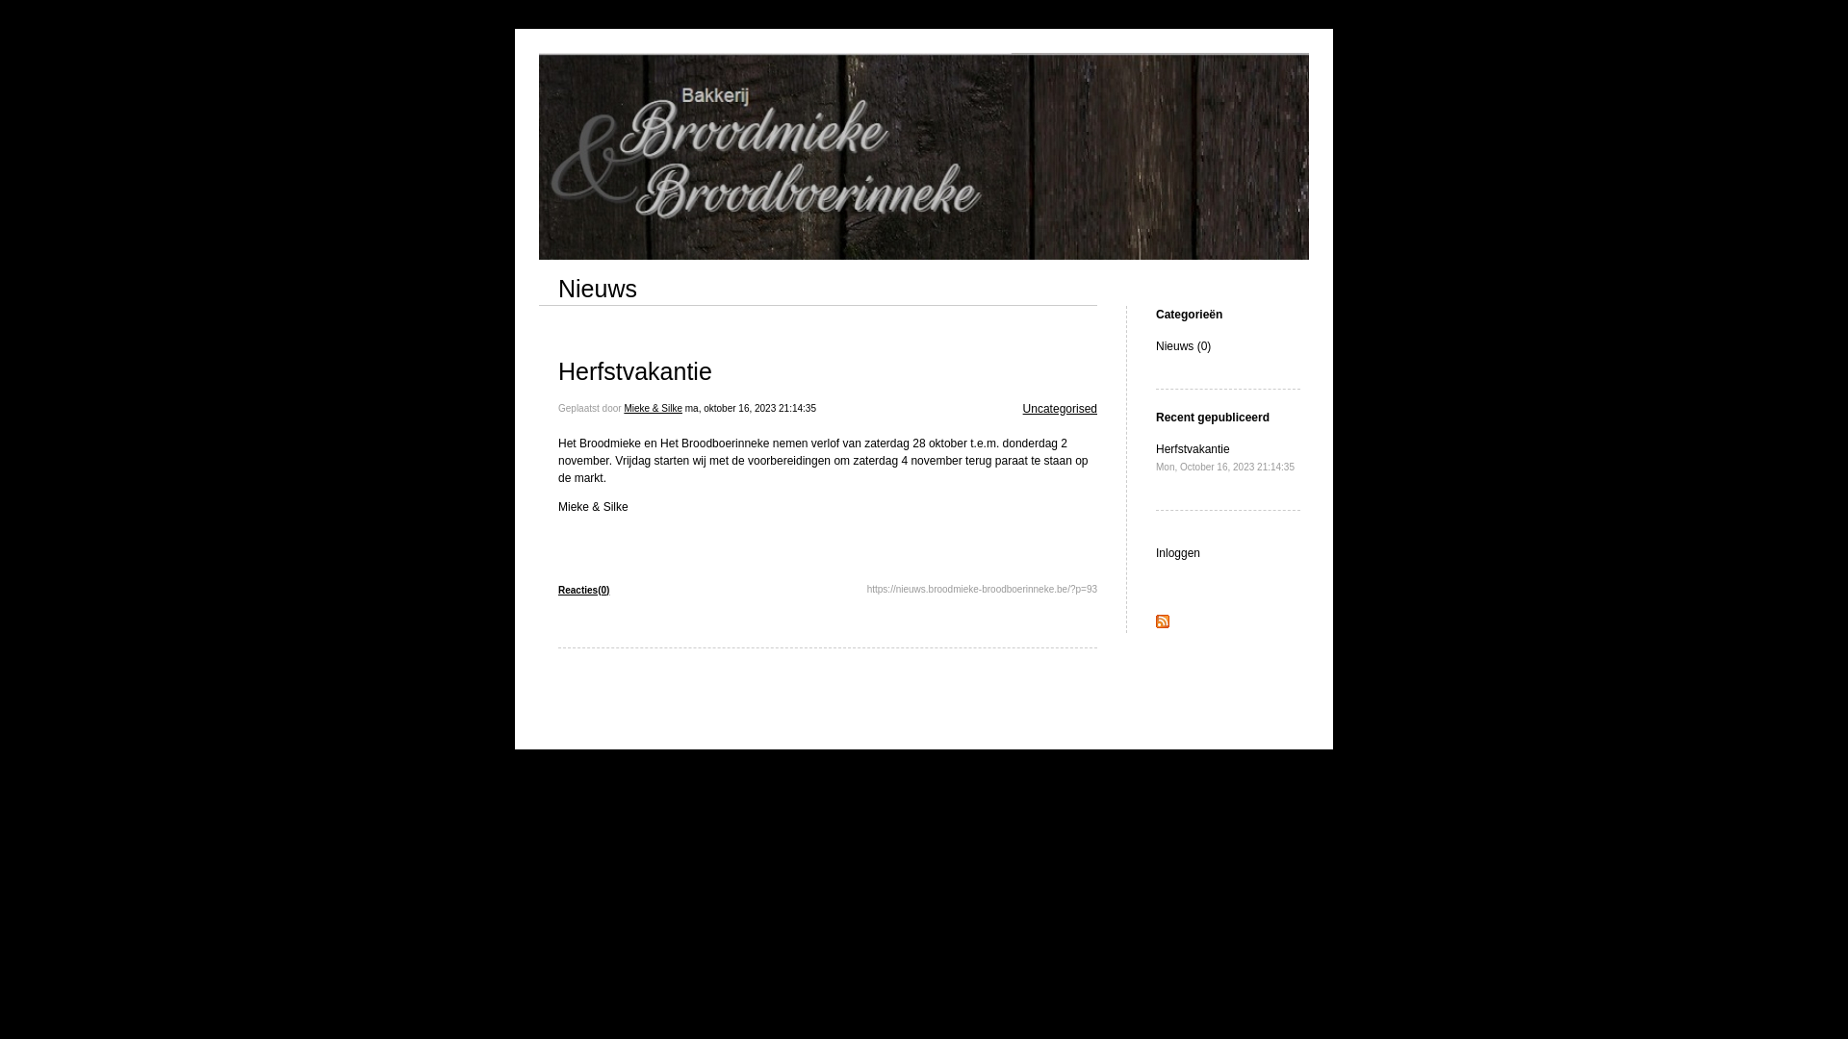 This screenshot has width=1848, height=1039. I want to click on 'Herfstvakantie, so click(1223, 457).